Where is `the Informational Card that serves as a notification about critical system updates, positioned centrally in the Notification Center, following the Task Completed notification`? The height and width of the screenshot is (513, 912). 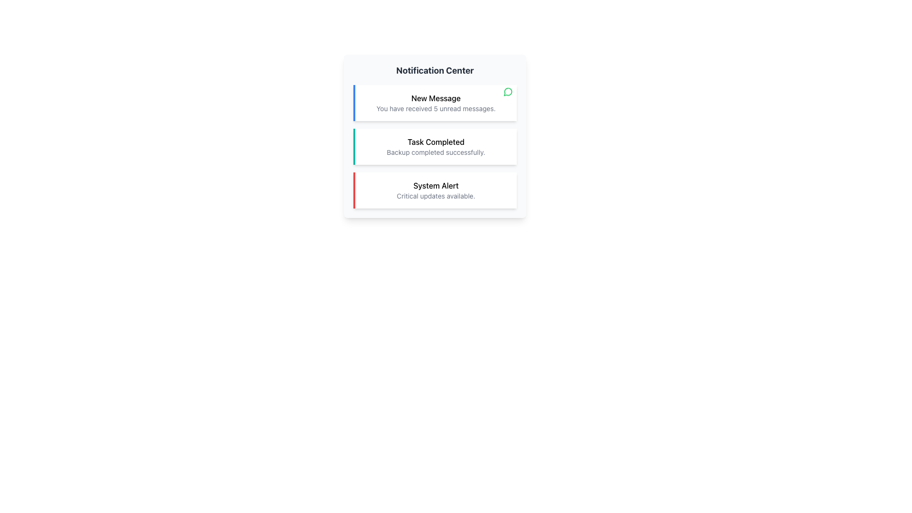
the Informational Card that serves as a notification about critical system updates, positioned centrally in the Notification Center, following the Task Completed notification is located at coordinates (435, 190).